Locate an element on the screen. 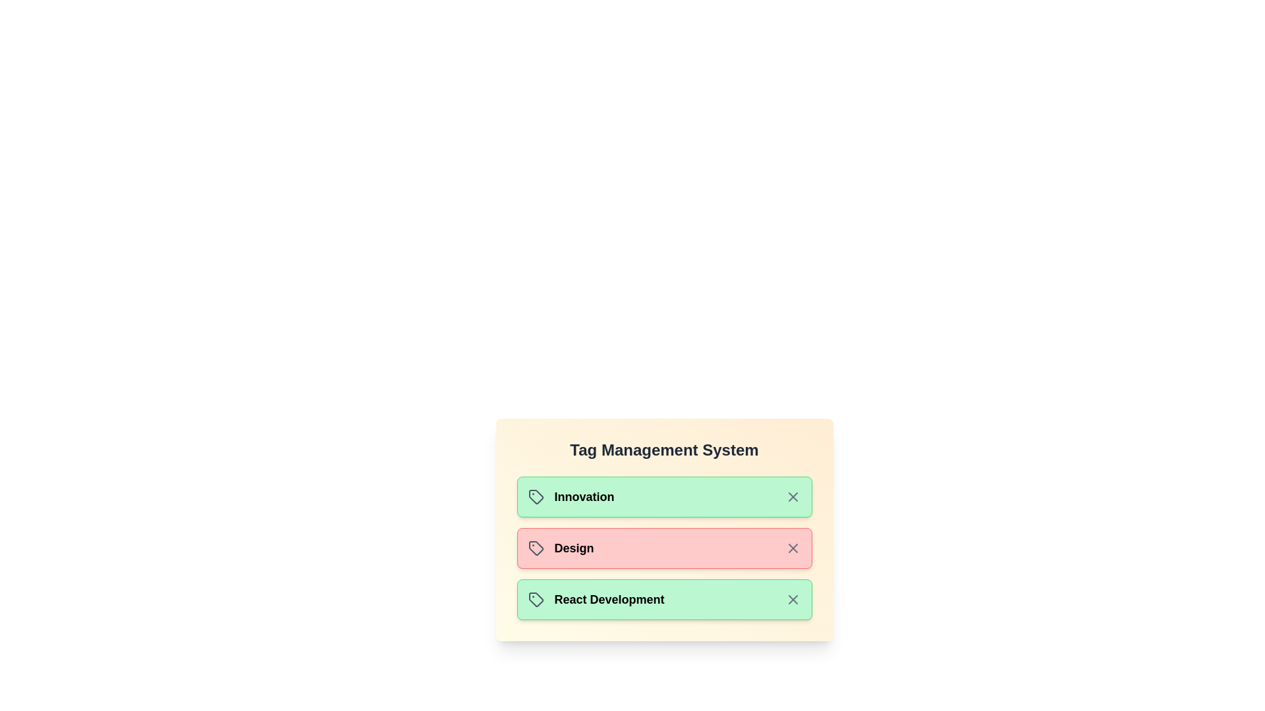  the close button of the tag labeled 'React Development' to remove it is located at coordinates (792, 599).